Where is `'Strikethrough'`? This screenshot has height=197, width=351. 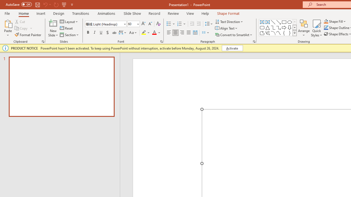 'Strikethrough' is located at coordinates (114, 33).